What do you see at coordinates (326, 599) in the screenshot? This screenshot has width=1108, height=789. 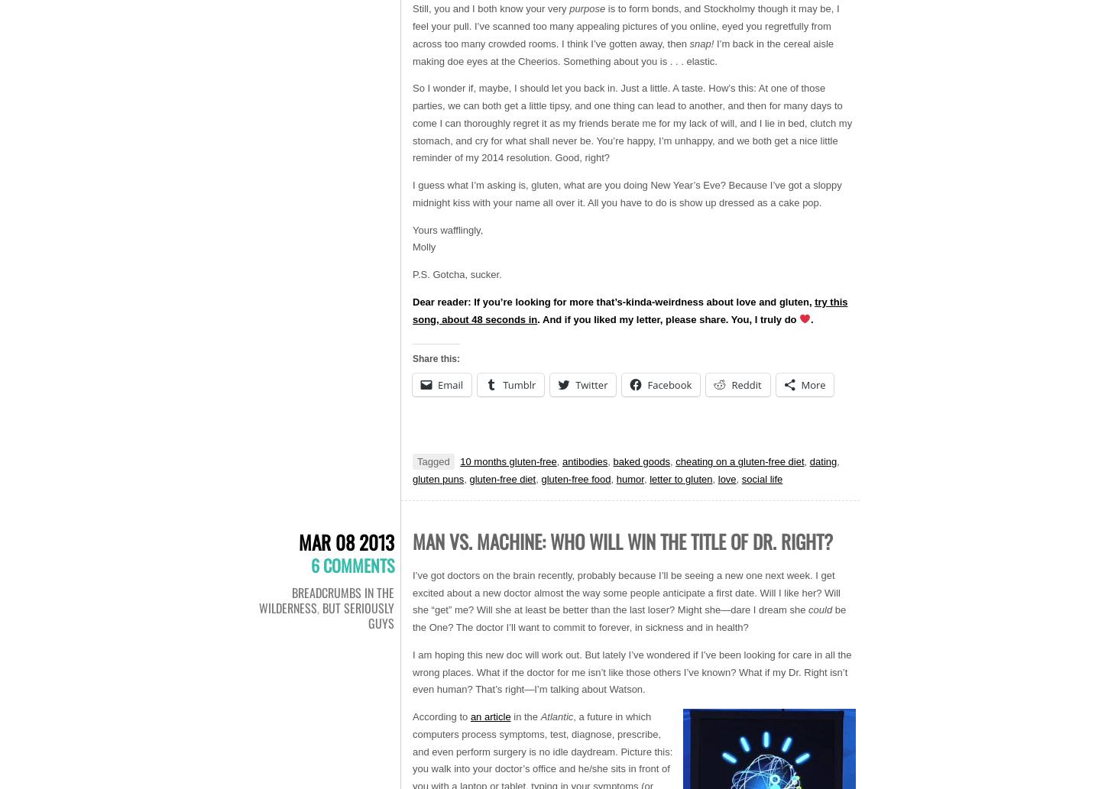 I see `'Breadcrumbs in the wilderness'` at bounding box center [326, 599].